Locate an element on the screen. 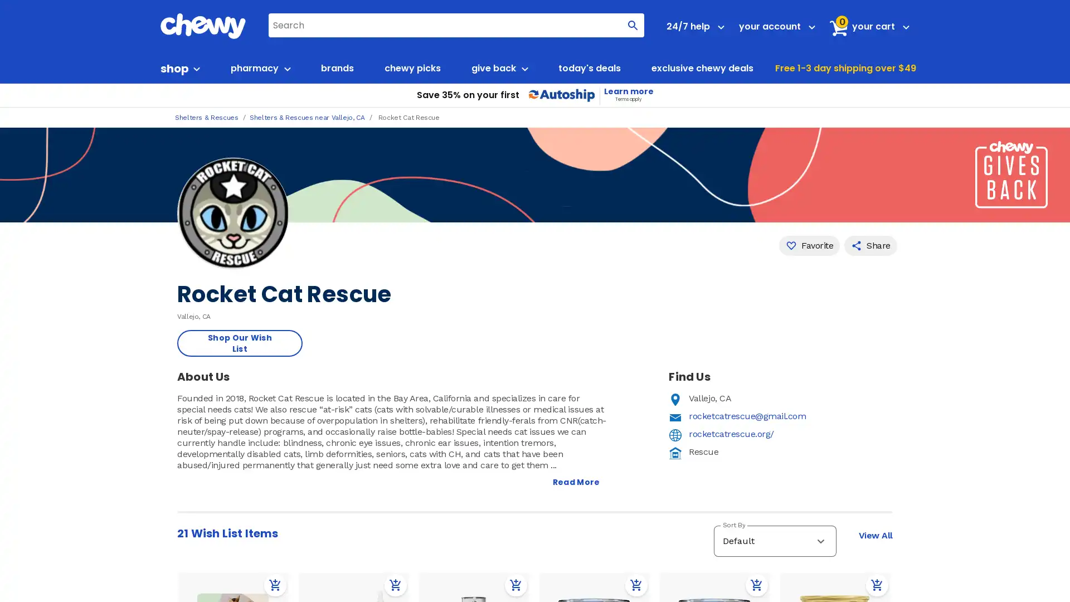  shop is located at coordinates (179, 69).